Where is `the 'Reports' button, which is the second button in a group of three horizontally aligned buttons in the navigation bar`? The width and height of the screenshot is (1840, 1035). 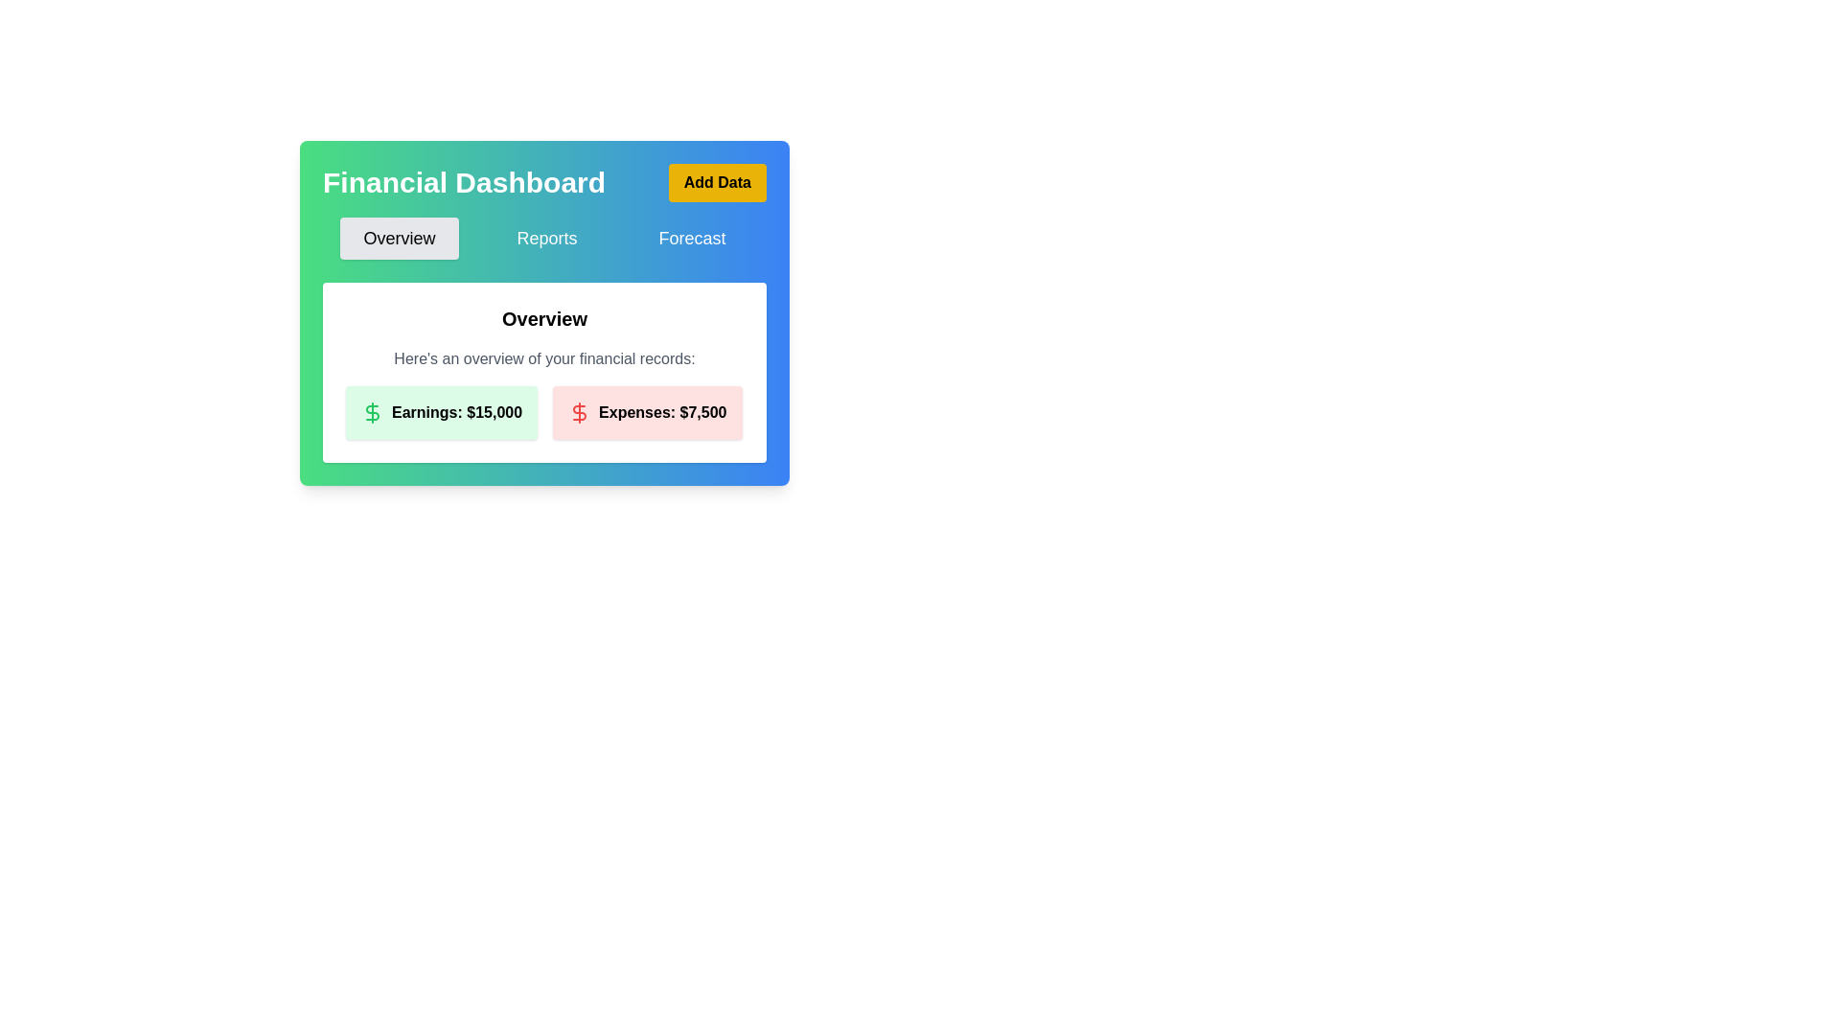 the 'Reports' button, which is the second button in a group of three horizontally aligned buttons in the navigation bar is located at coordinates (546, 238).